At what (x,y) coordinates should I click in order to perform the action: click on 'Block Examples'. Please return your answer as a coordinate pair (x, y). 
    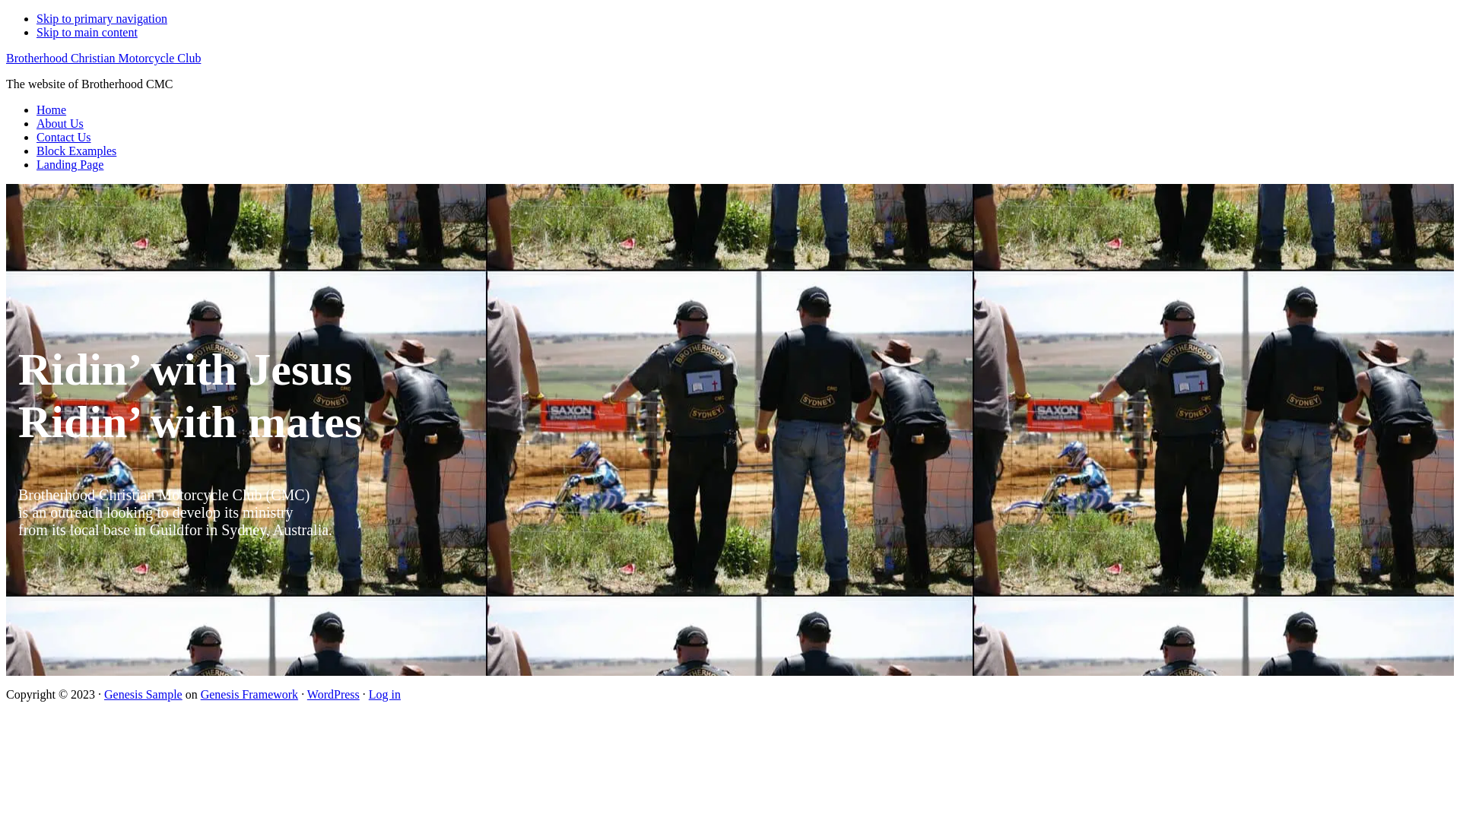
    Looking at the image, I should click on (75, 151).